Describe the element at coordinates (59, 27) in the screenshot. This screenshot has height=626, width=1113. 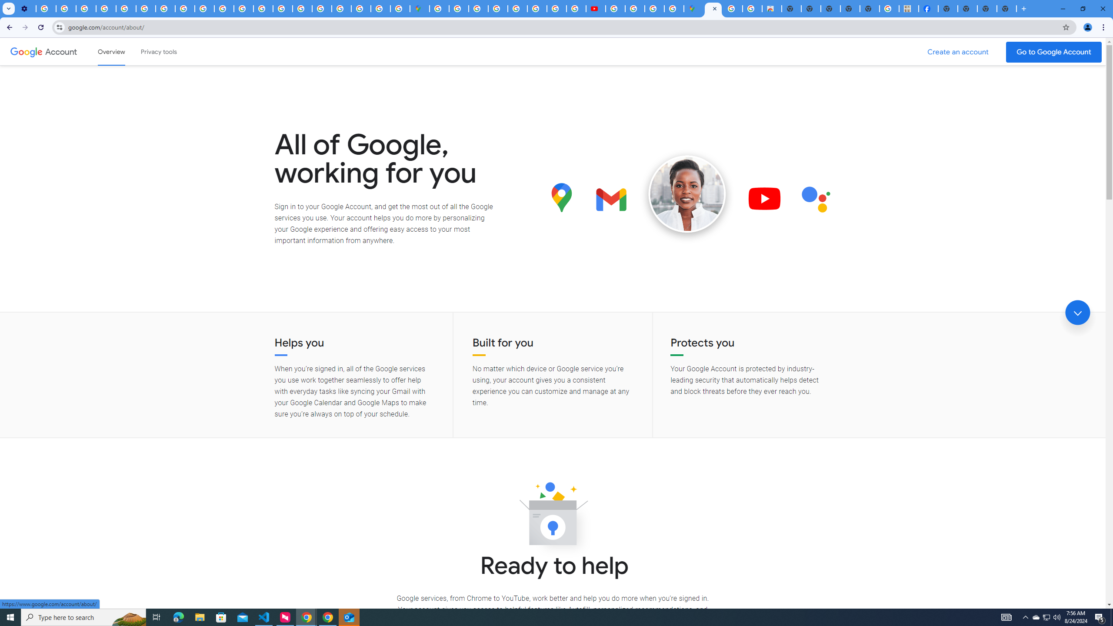
I see `'View site information'` at that location.